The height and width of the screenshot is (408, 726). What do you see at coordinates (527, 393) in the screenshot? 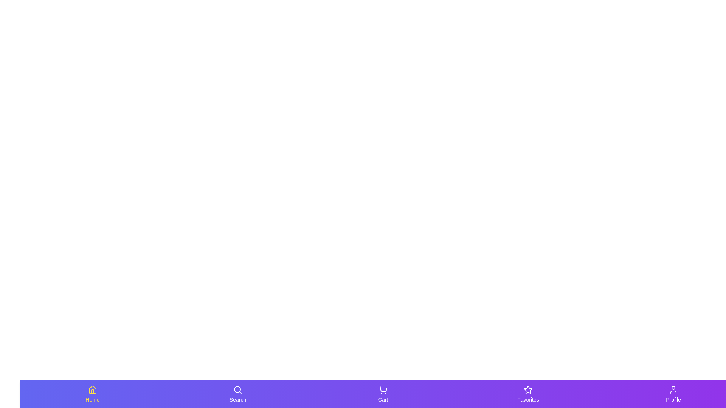
I see `the tab labeled Favorites` at bounding box center [527, 393].